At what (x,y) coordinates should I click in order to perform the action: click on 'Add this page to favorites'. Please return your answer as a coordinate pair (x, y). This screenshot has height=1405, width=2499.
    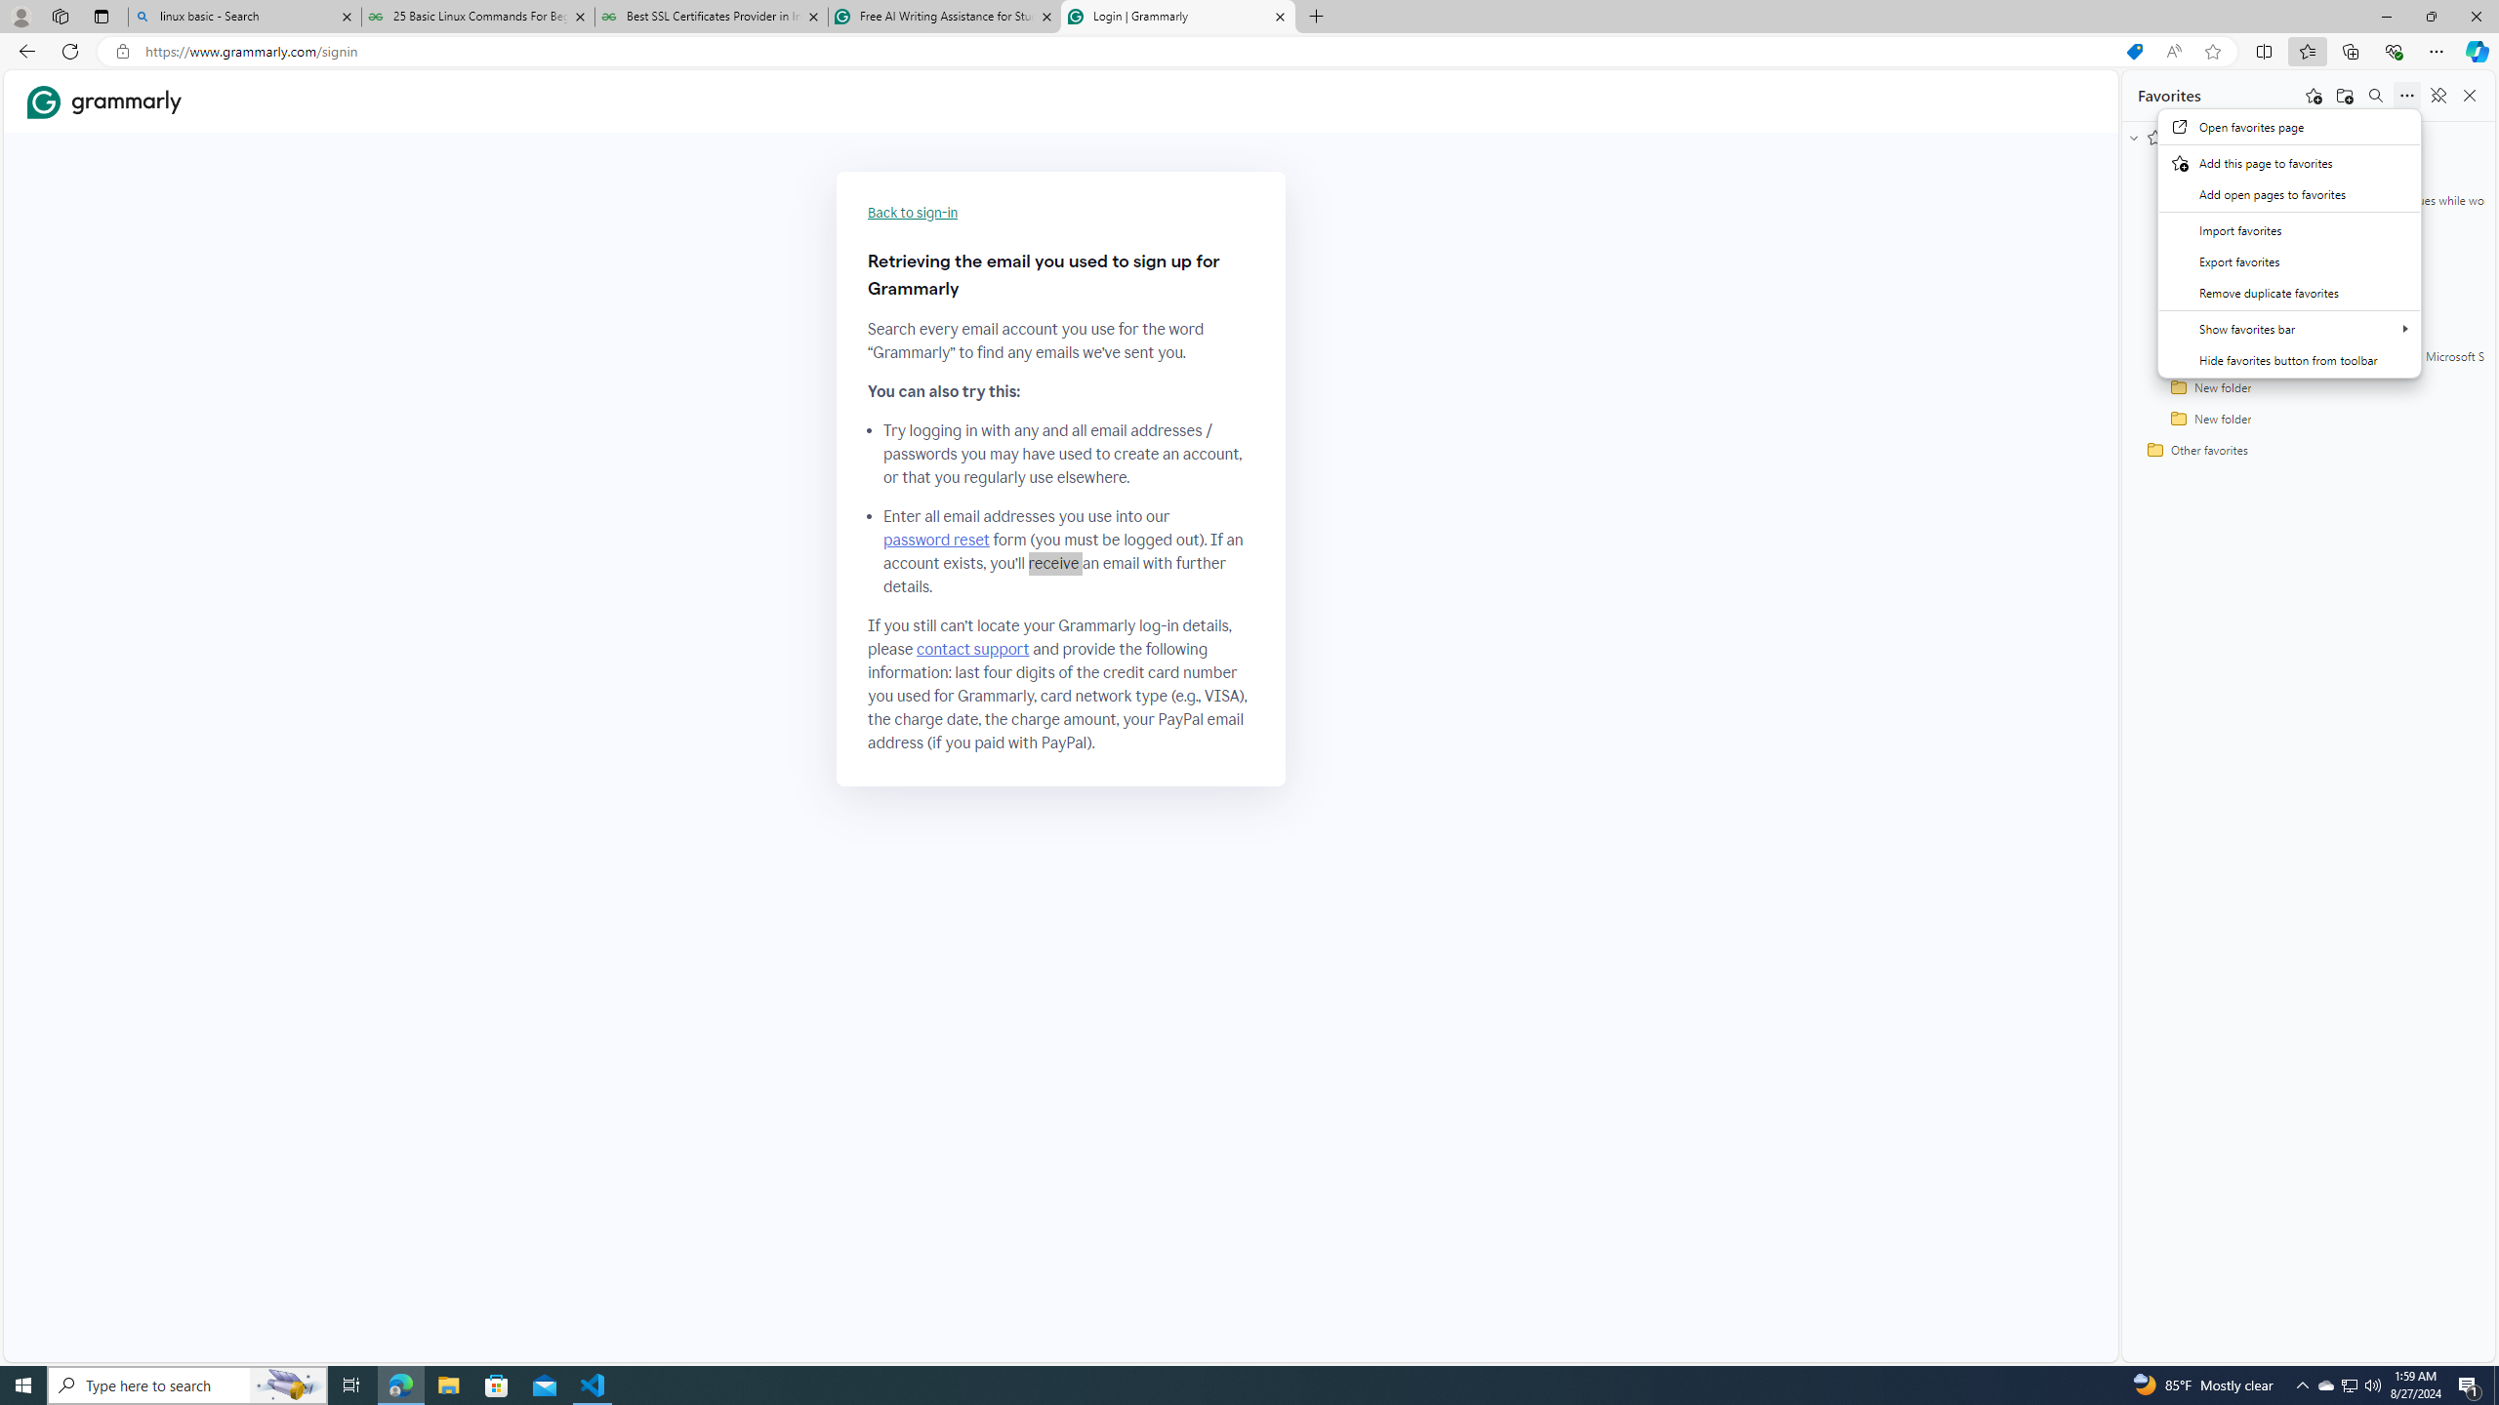
    Looking at the image, I should click on (2312, 94).